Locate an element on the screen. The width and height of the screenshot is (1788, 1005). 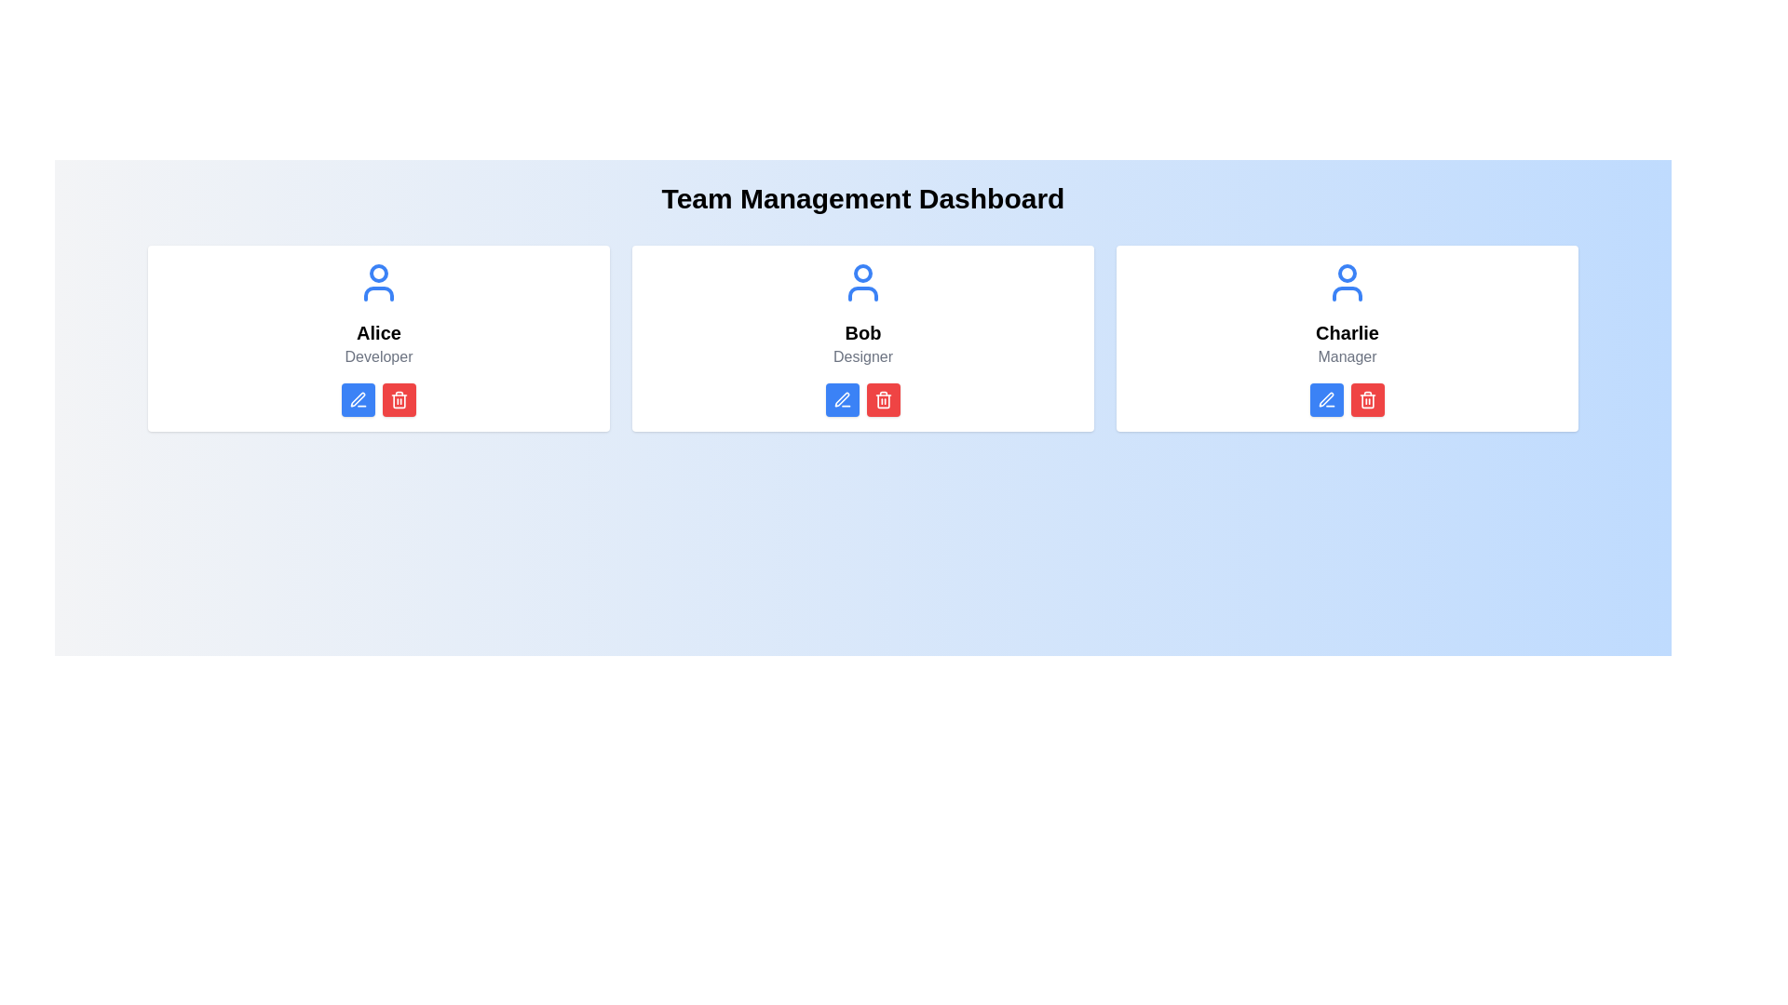
the delete button with a red background and a white trashcan icon, located at the bottom of the user information card under Alice's card is located at coordinates (398, 398).